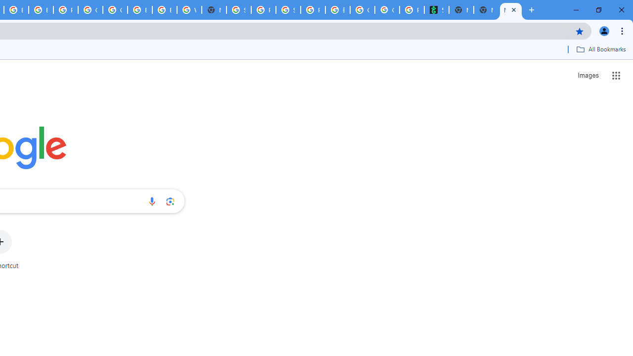 This screenshot has height=356, width=633. What do you see at coordinates (239, 10) in the screenshot?
I see `'Sign in - Google Accounts'` at bounding box center [239, 10].